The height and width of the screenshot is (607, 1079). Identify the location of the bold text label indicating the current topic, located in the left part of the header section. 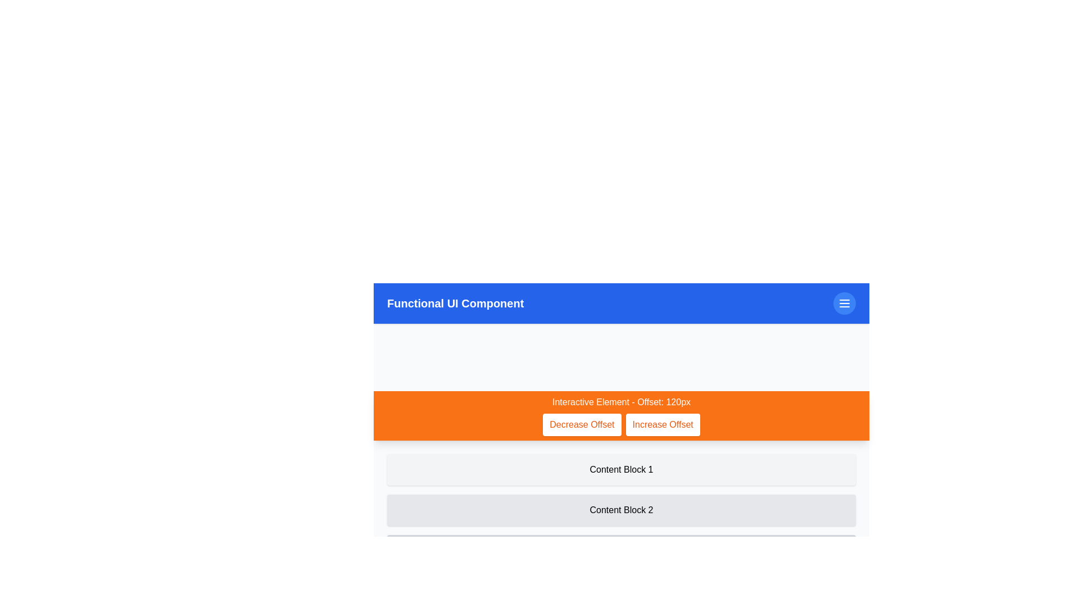
(455, 303).